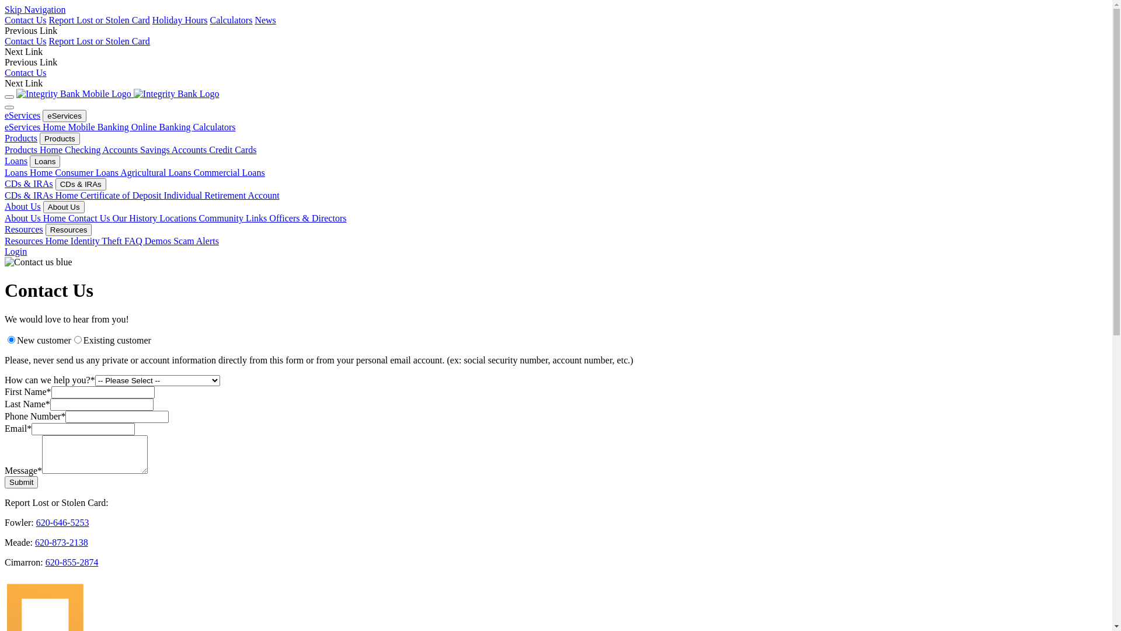  I want to click on 'eServices', so click(22, 115).